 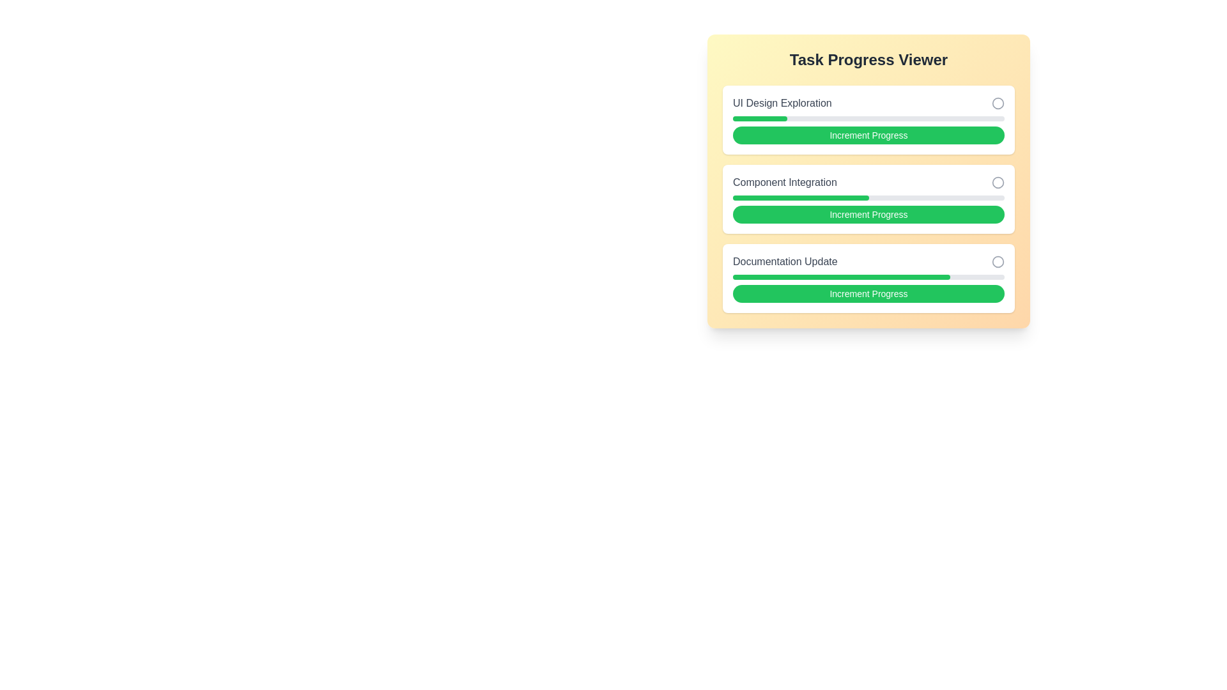 I want to click on the label identifying the task 'Component Integration' within the task progress viewer, located in the second item of a vertically stacked list, so click(x=784, y=182).